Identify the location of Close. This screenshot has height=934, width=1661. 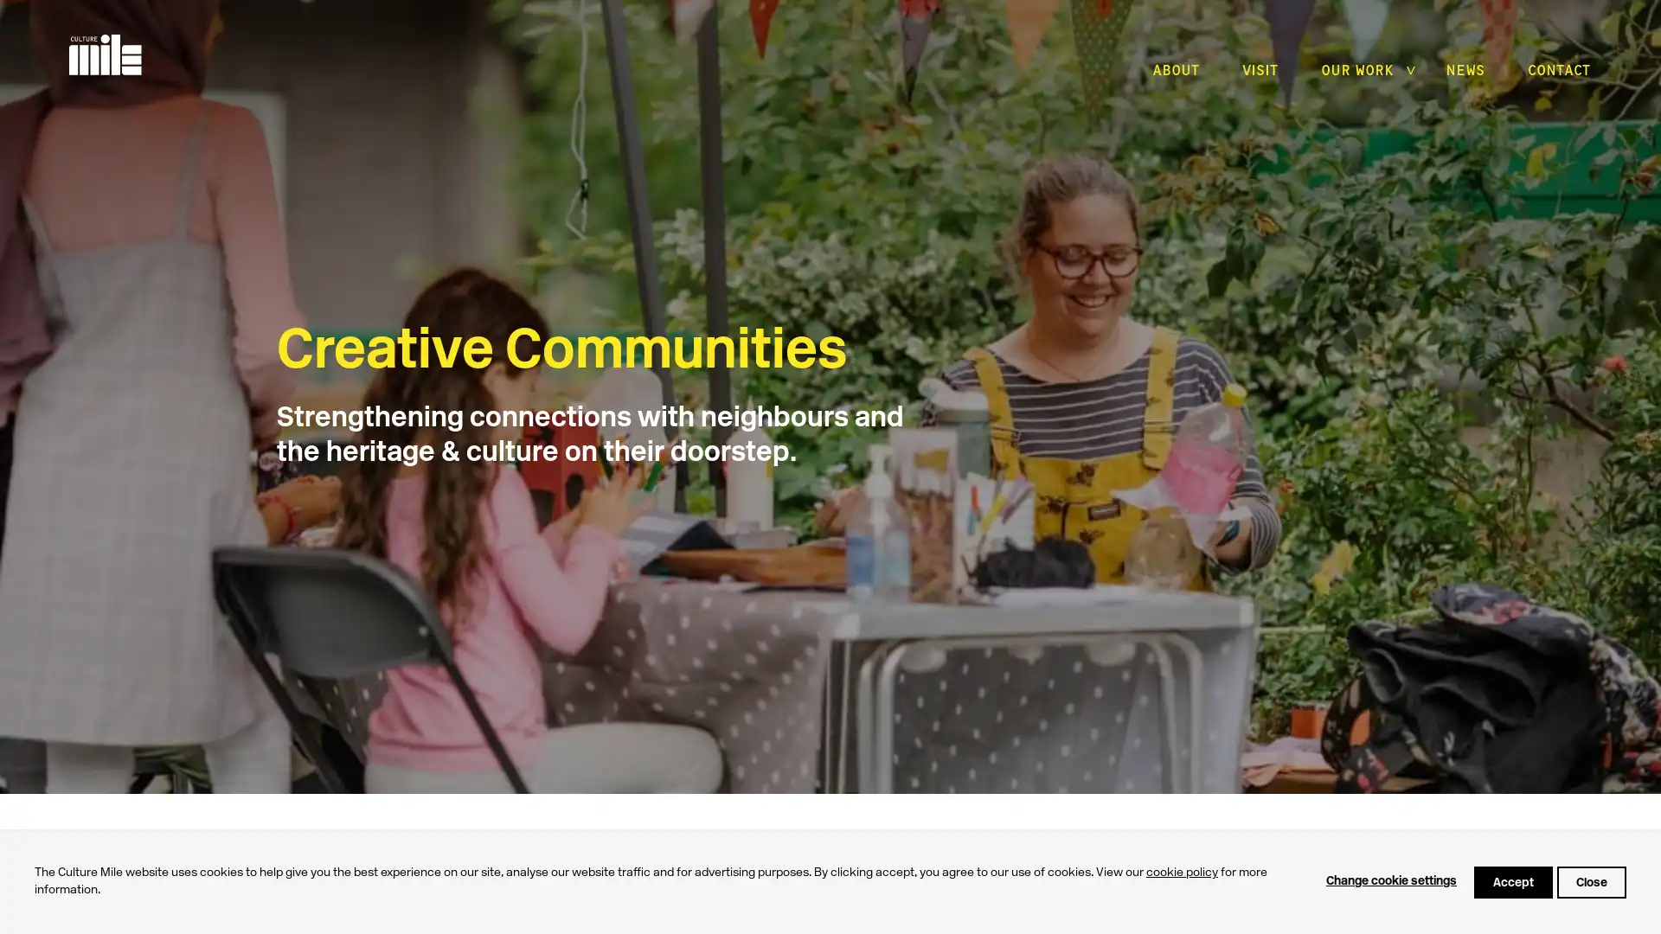
(1591, 881).